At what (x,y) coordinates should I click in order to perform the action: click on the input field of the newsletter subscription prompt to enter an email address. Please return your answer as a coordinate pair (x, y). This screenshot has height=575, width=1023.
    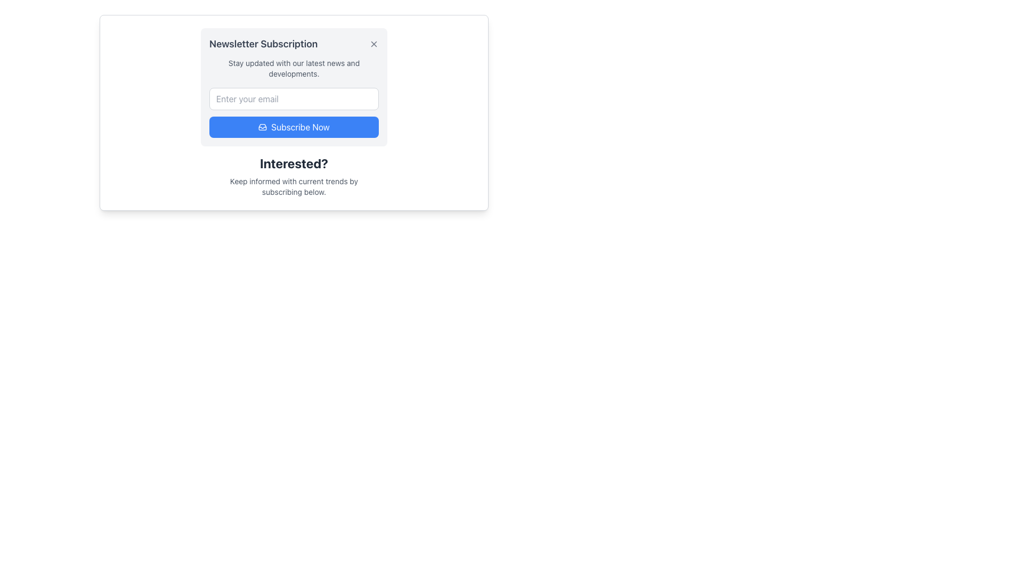
    Looking at the image, I should click on (294, 87).